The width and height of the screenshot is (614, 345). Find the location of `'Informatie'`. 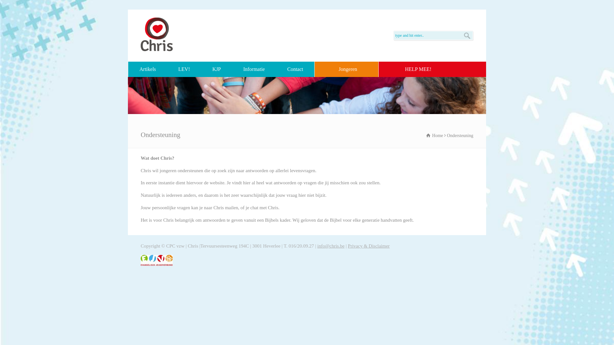

'Informatie' is located at coordinates (232, 69).